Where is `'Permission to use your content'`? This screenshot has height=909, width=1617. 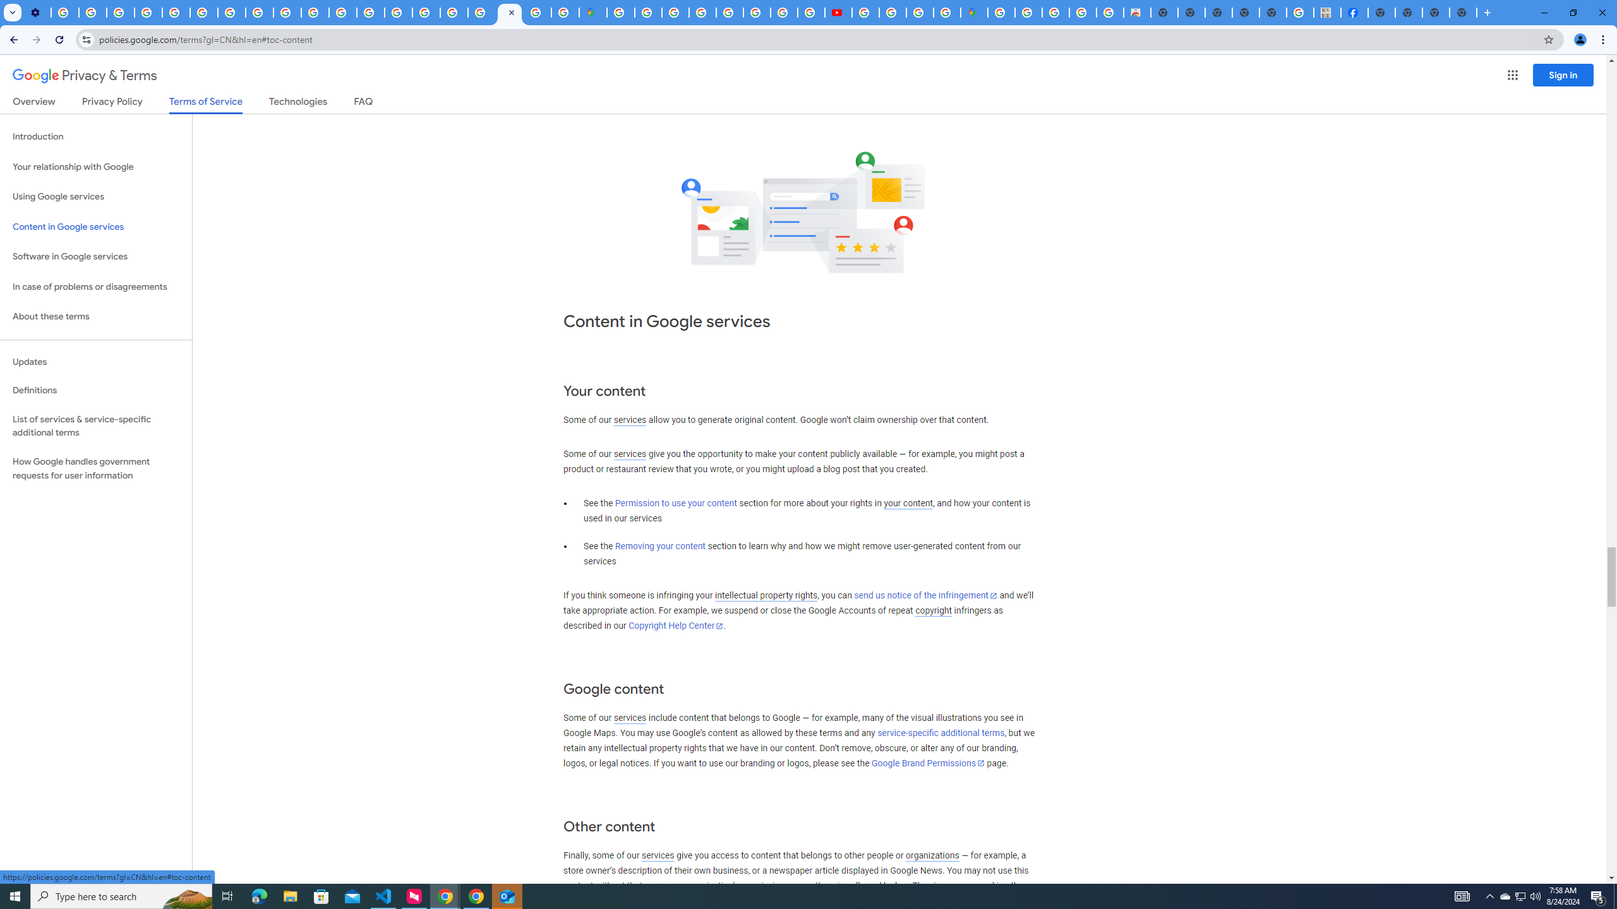
'Permission to use your content' is located at coordinates (675, 502).